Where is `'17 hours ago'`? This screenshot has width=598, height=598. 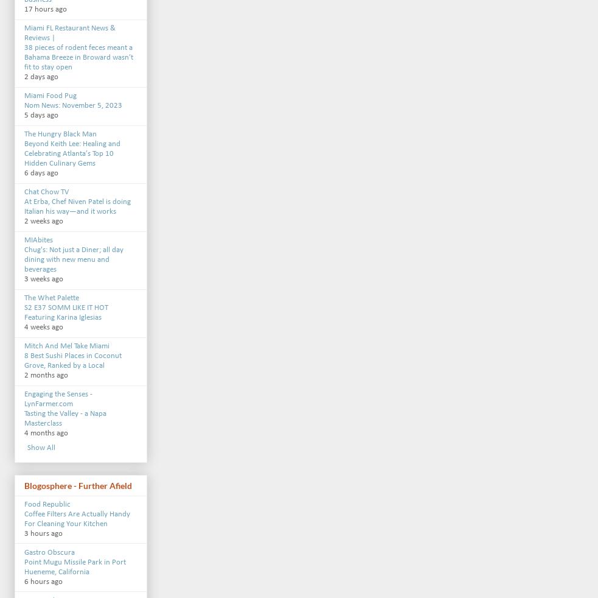
'17 hours ago' is located at coordinates (45, 9).